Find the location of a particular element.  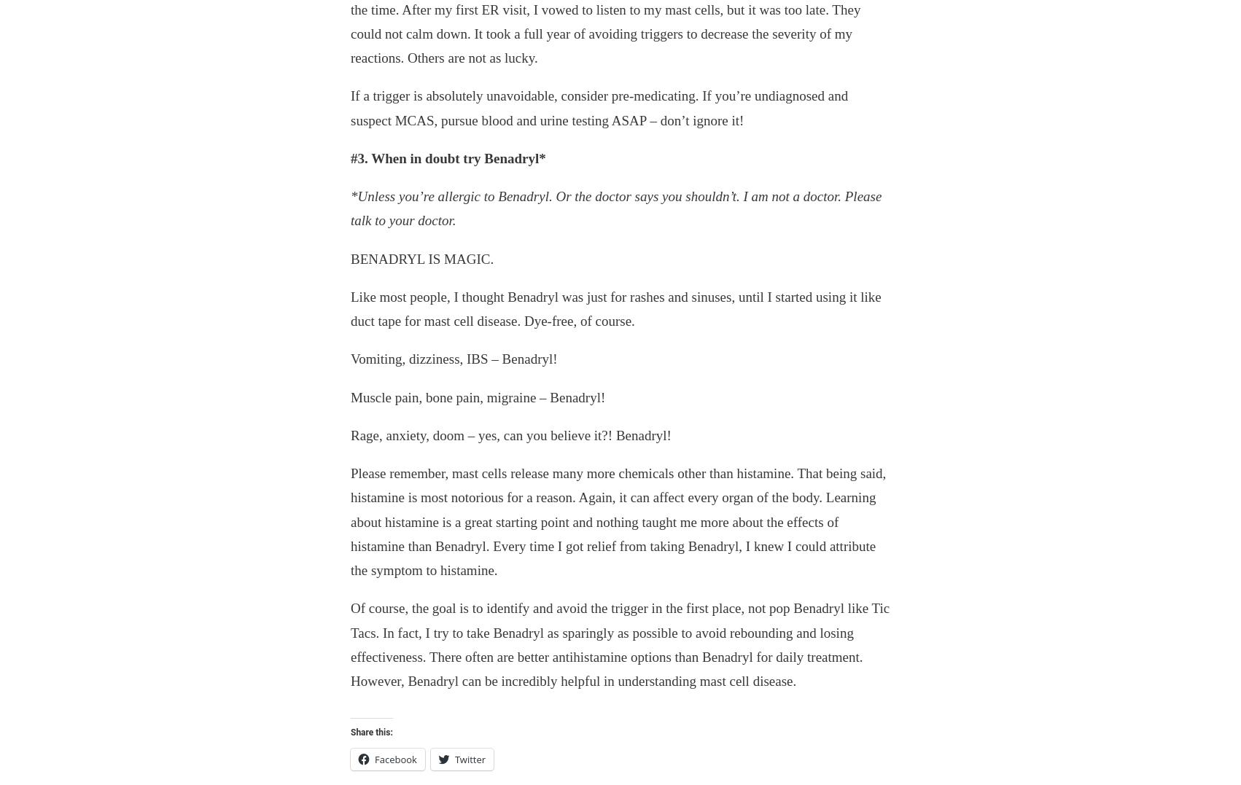

'*Unless you’re allergic to Benadryl. Or the doctor says you shouldn’t. I am not a doctor. Please talk to your doctor.' is located at coordinates (615, 208).